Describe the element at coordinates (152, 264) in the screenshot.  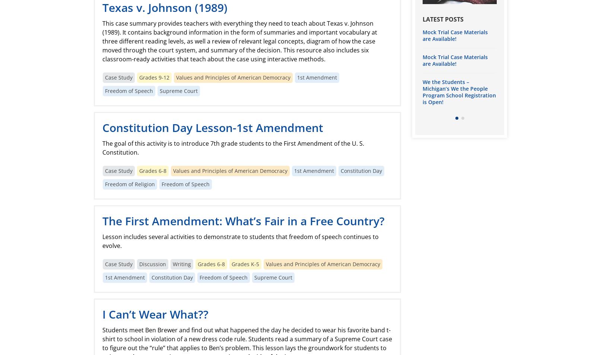
I see `'Discussion'` at that location.